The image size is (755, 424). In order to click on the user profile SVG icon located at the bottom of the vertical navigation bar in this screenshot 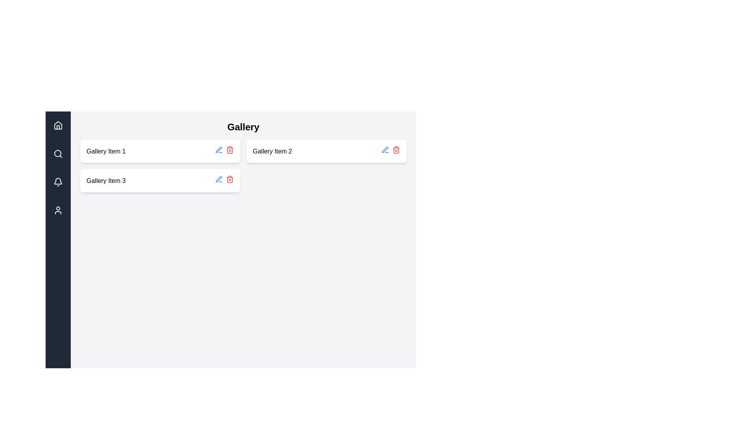, I will do `click(58, 210)`.